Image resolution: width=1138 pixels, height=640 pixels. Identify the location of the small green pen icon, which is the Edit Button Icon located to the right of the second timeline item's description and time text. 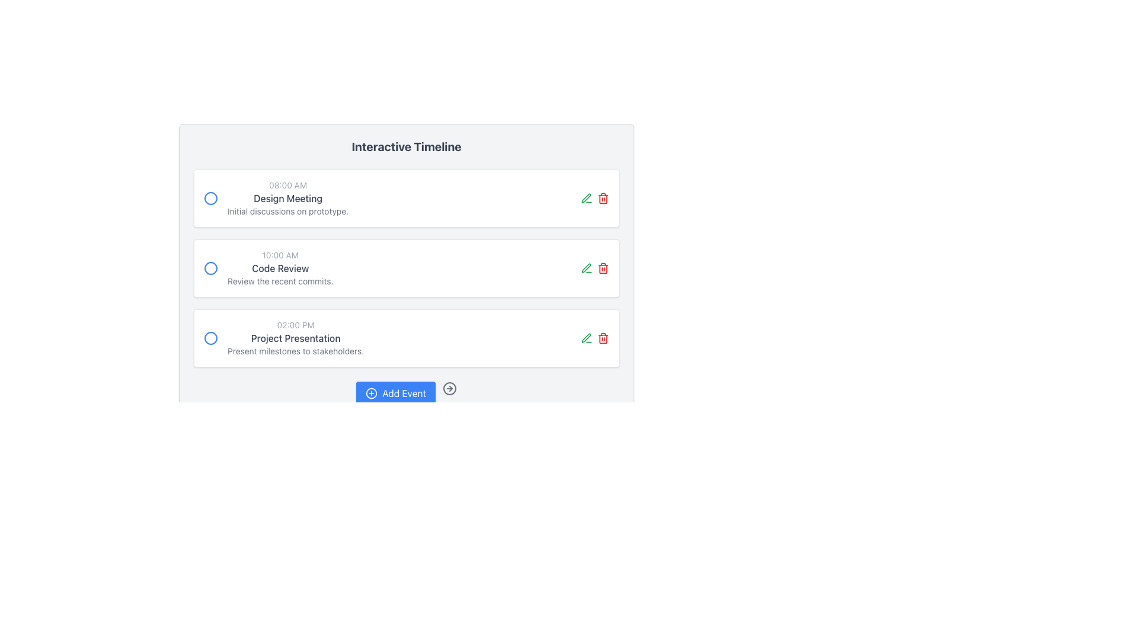
(586, 198).